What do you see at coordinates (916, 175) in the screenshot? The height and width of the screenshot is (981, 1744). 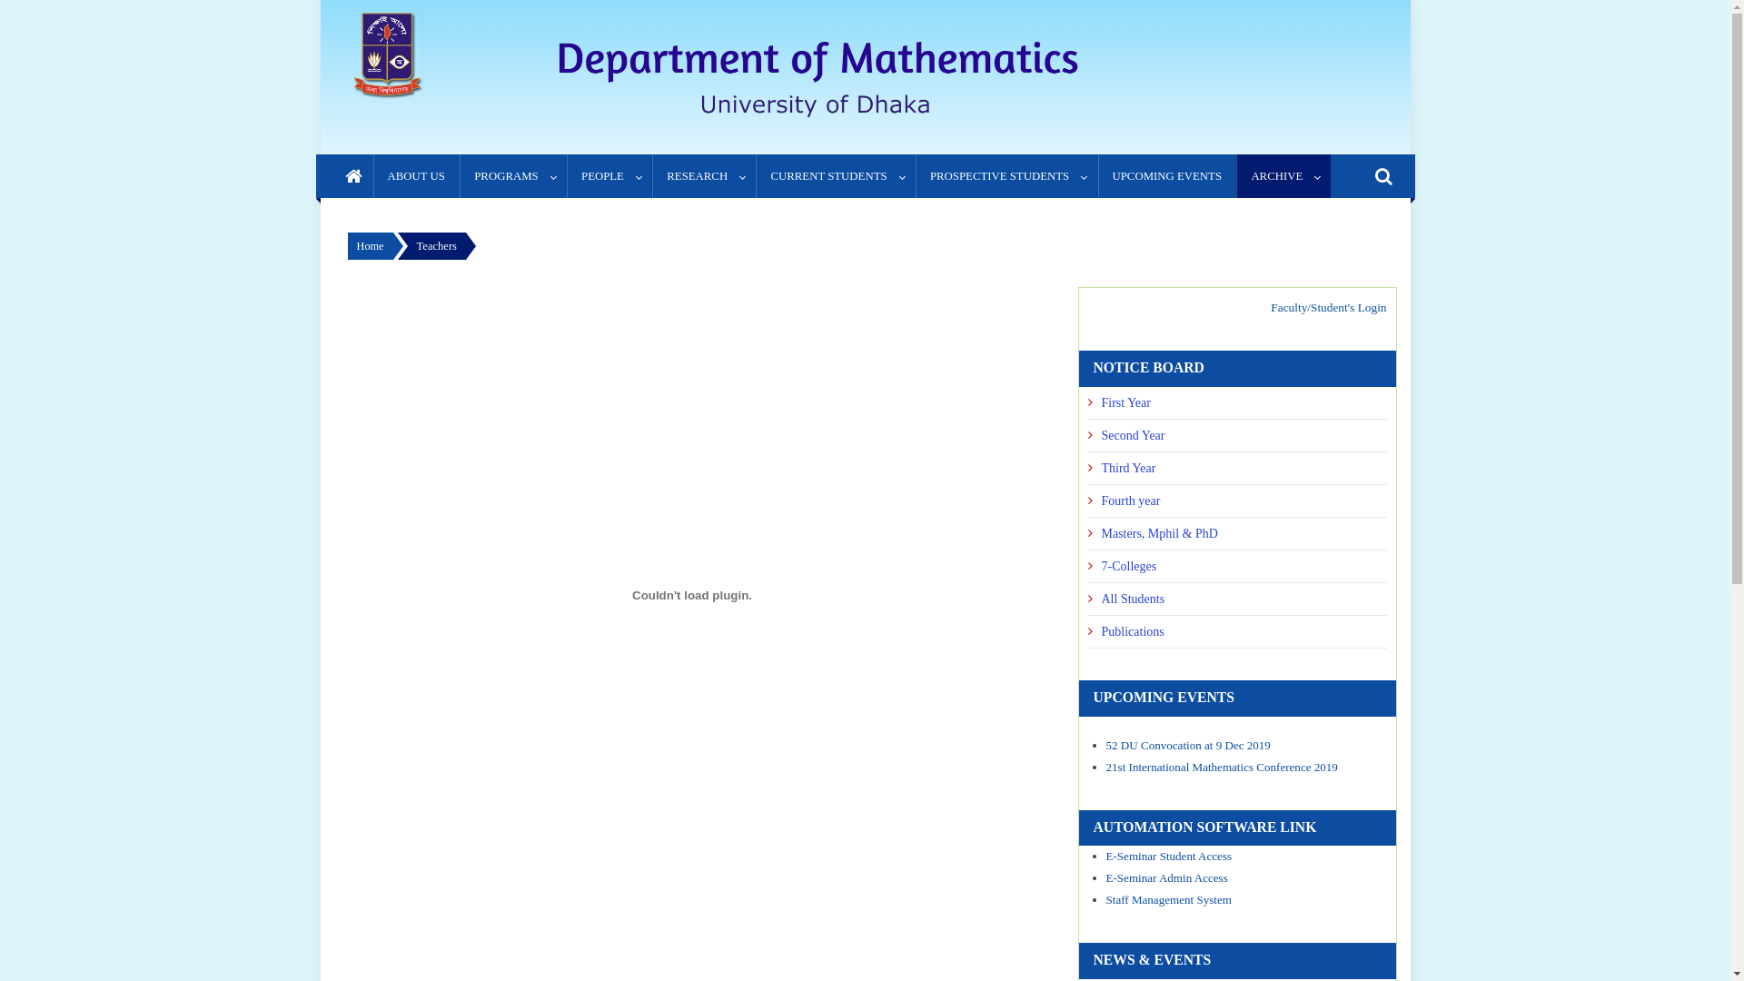 I see `'PROSPECTIVE STUDENTS'` at bounding box center [916, 175].